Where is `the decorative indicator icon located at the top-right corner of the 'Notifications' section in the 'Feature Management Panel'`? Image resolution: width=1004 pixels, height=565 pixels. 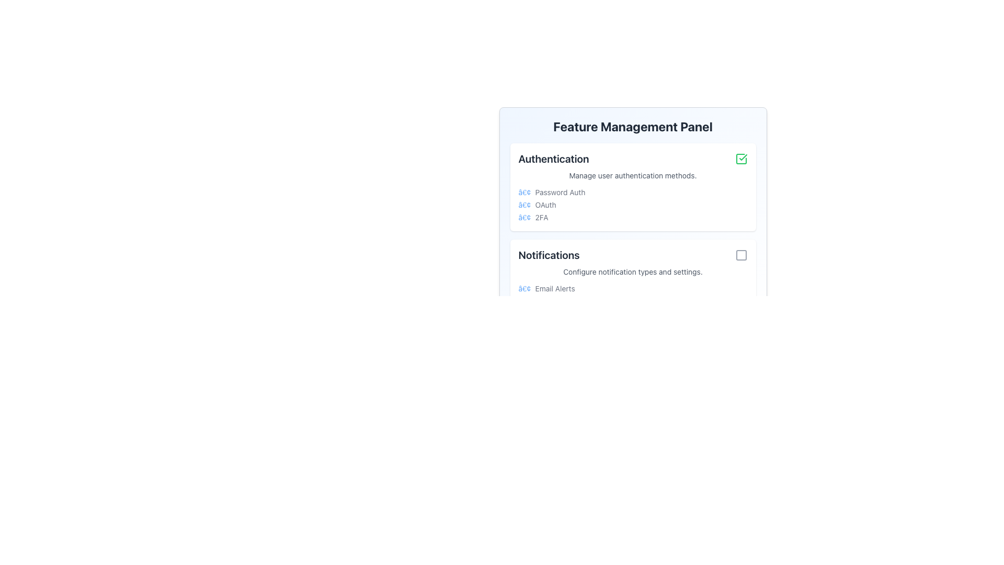
the decorative indicator icon located at the top-right corner of the 'Notifications' section in the 'Feature Management Panel' is located at coordinates (740, 255).